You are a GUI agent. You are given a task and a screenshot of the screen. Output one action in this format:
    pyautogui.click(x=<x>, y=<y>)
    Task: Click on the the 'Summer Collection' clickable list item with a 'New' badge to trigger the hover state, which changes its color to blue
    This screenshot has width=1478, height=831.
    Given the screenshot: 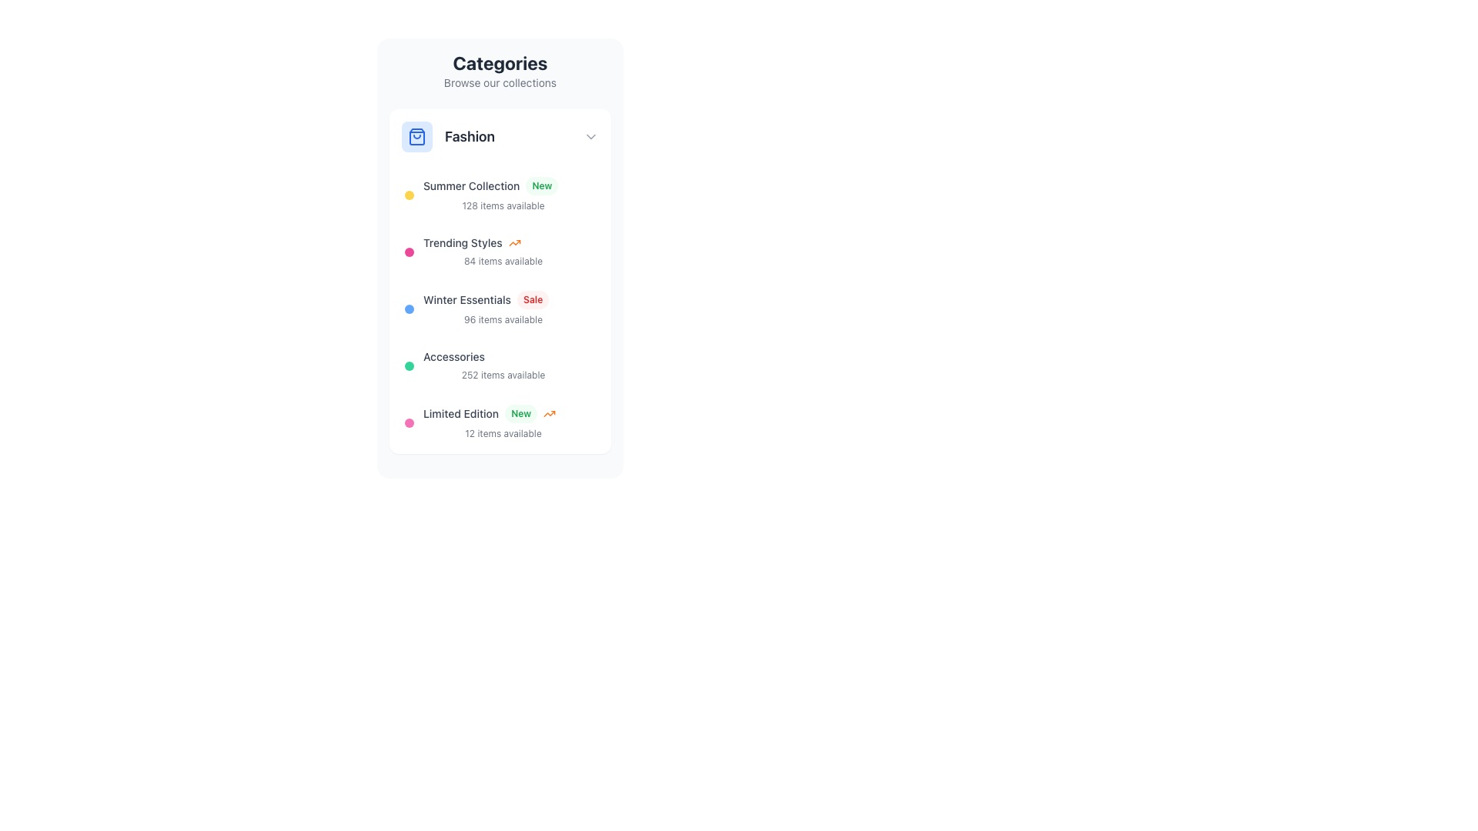 What is the action you would take?
    pyautogui.click(x=503, y=185)
    